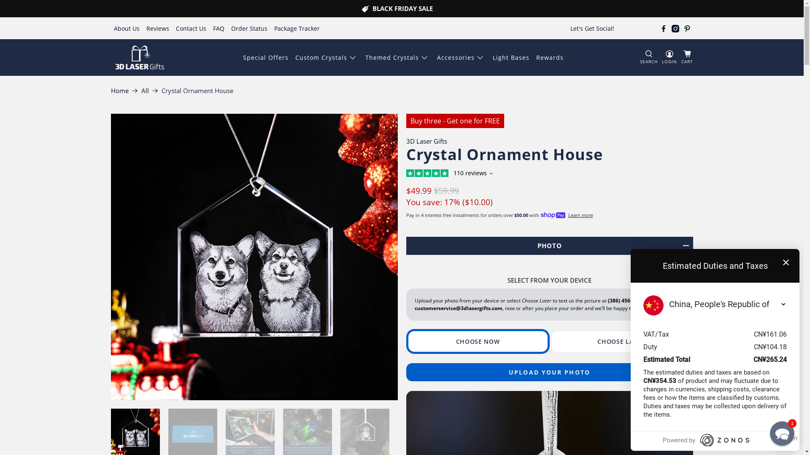 The height and width of the screenshot is (455, 810). I want to click on 'Accessories', so click(461, 57).